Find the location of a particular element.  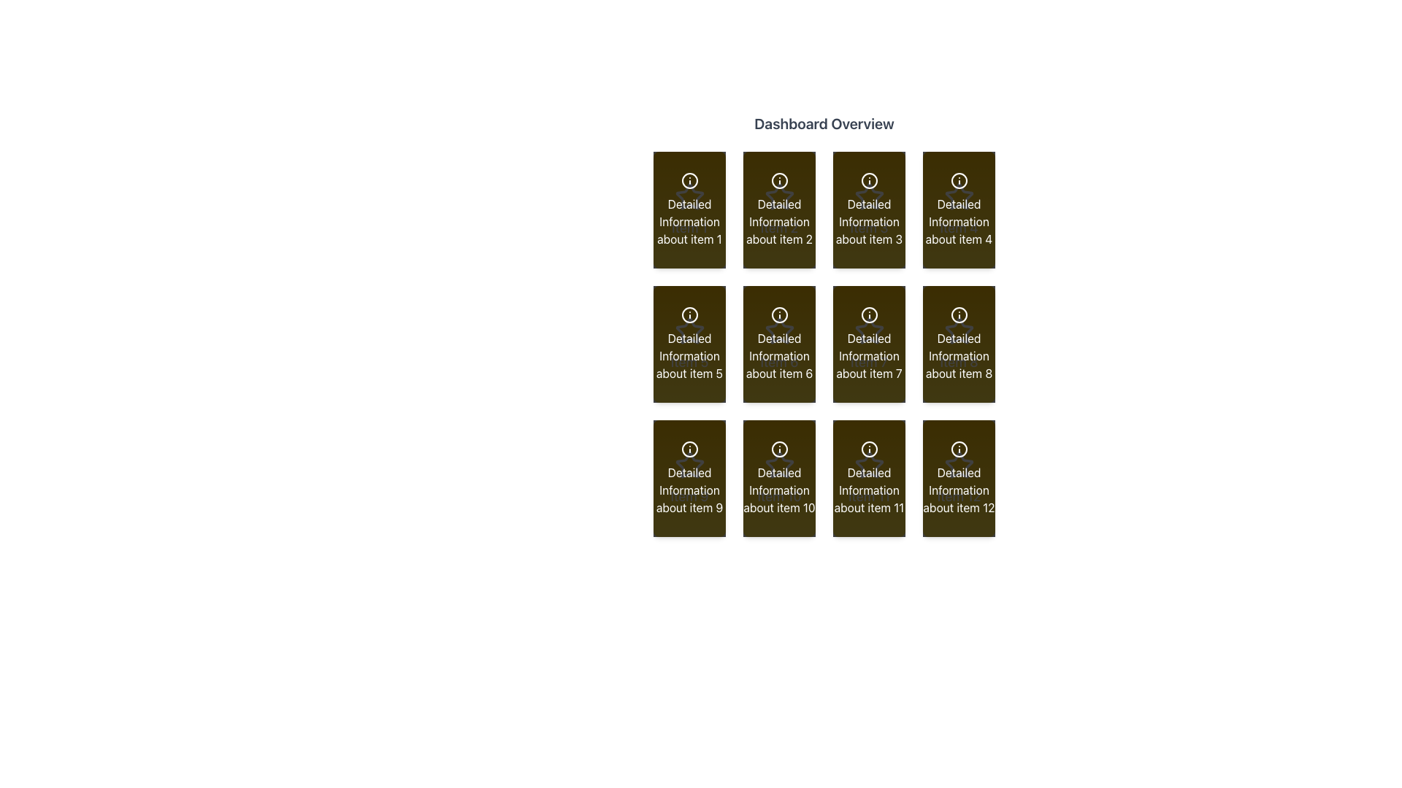

the clickable card representing 'Item 5' located in the second row, first column of the 'Dashboard Overview' section is located at coordinates (689, 344).